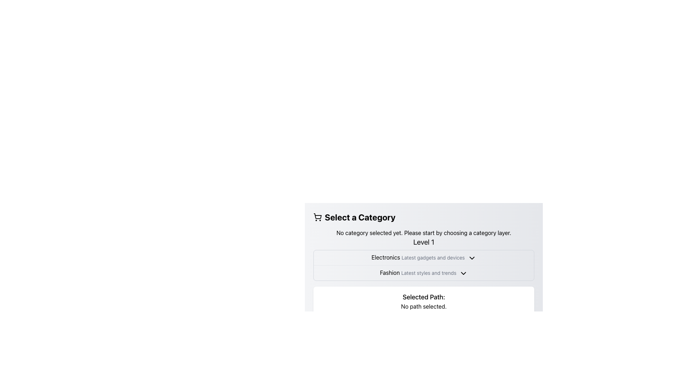 Image resolution: width=683 pixels, height=384 pixels. I want to click on the 'Electronics' Text Label that provides descriptive information about its contents, which is the second textual component in its row, so click(433, 257).